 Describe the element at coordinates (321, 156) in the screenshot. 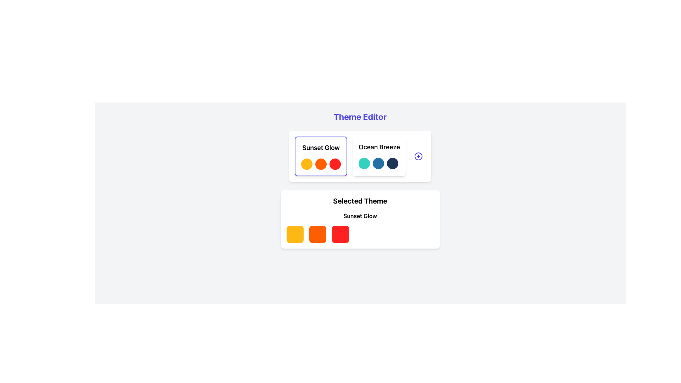

I see `the selectable theme option labeled 'Sunset Glow'` at that location.